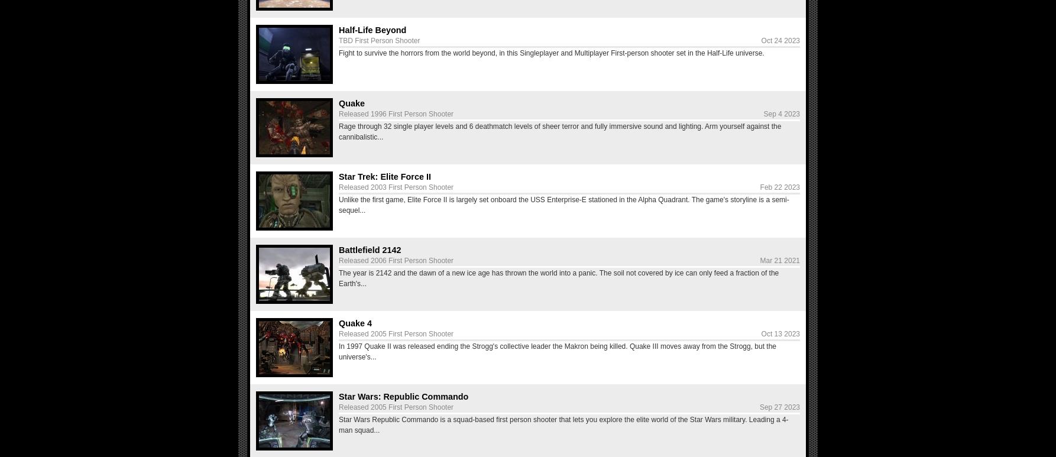 This screenshot has height=457, width=1056. What do you see at coordinates (345, 40) in the screenshot?
I see `'TBD'` at bounding box center [345, 40].